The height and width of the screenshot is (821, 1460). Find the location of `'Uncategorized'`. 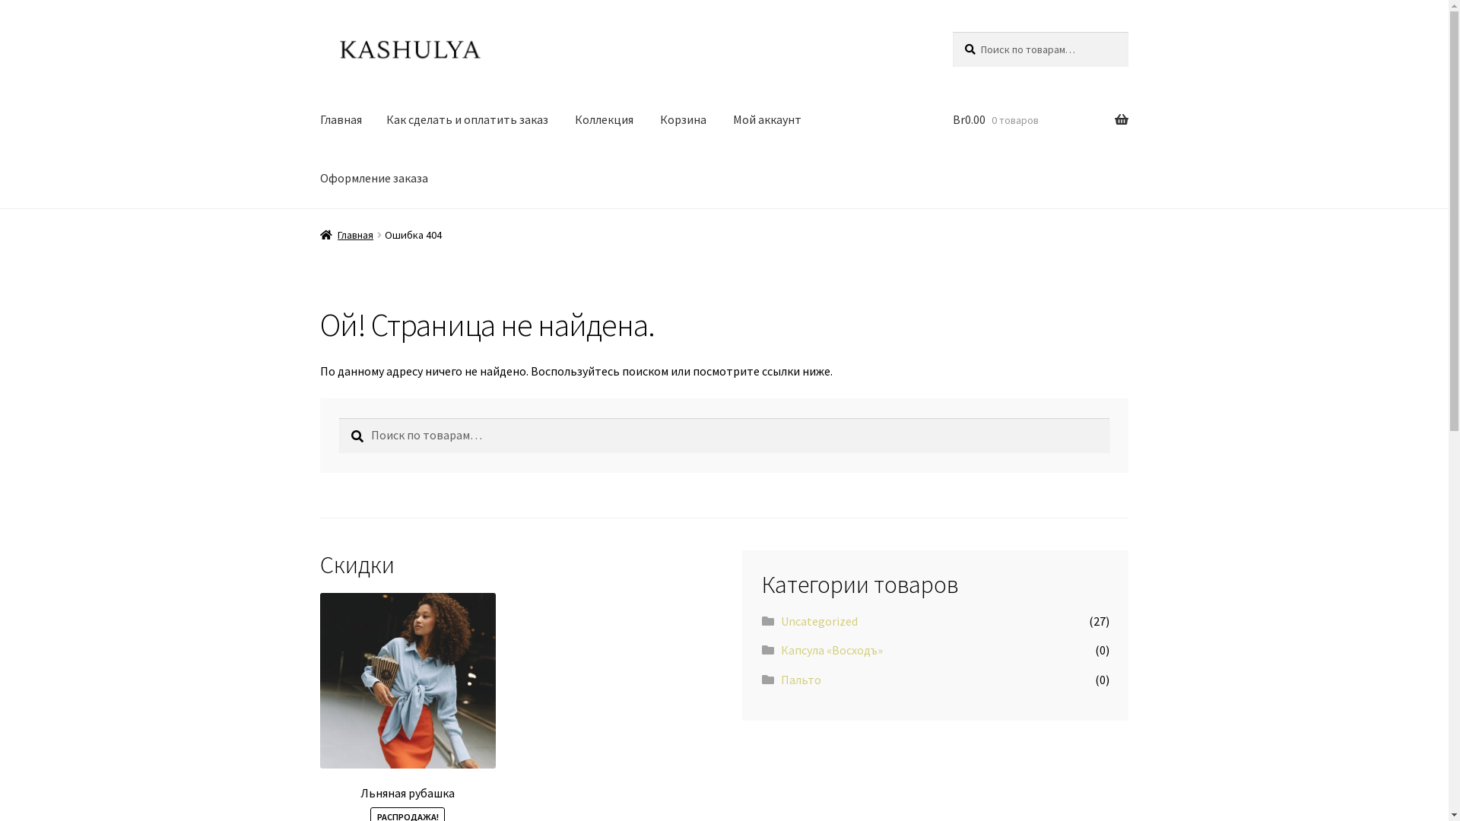

'Uncategorized' is located at coordinates (818, 621).